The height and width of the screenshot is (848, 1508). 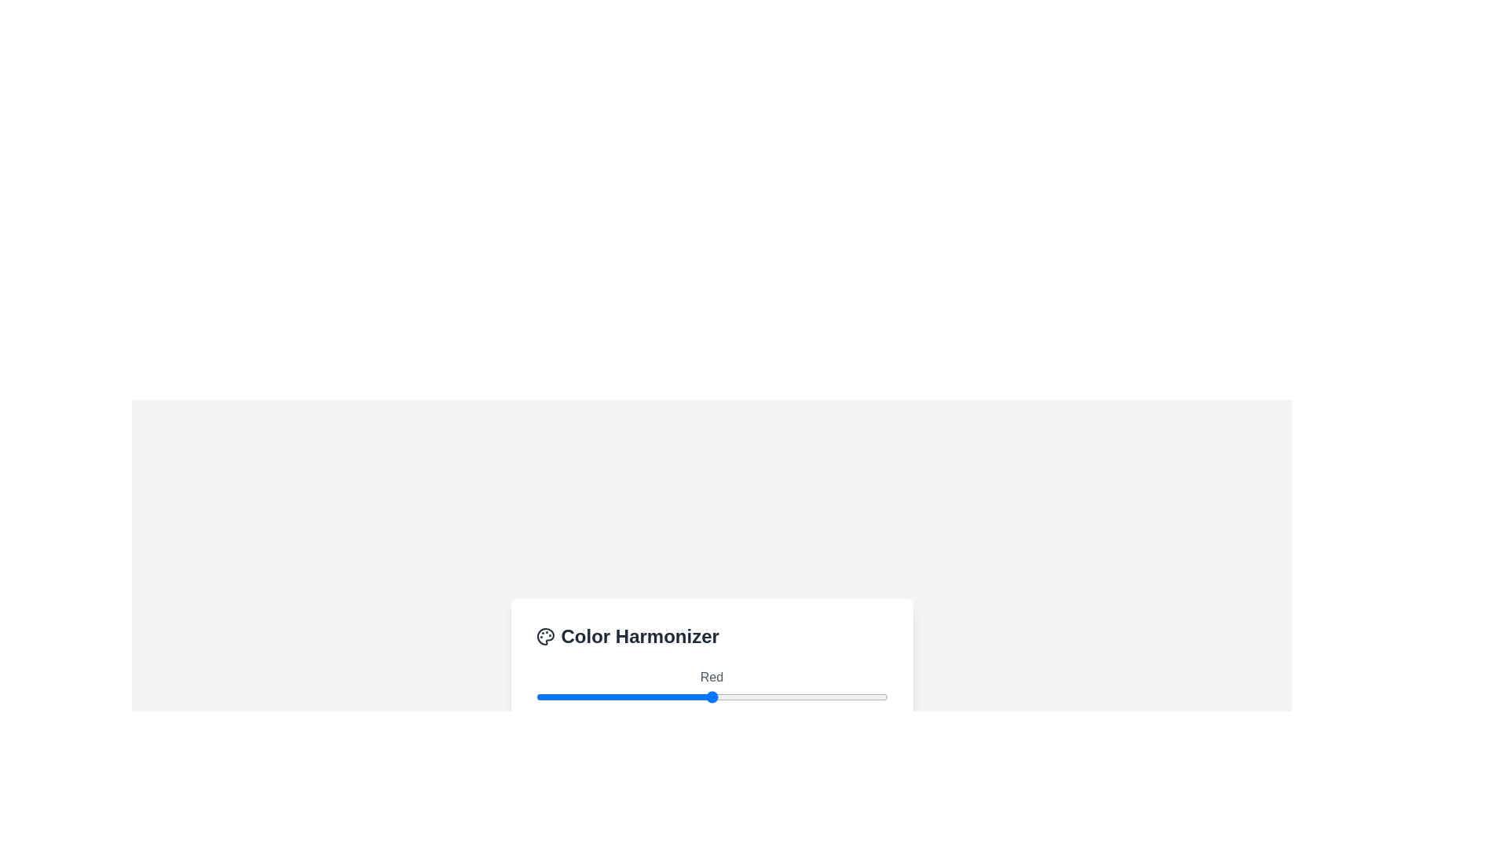 I want to click on the red slider to set its value to 127, so click(x=710, y=696).